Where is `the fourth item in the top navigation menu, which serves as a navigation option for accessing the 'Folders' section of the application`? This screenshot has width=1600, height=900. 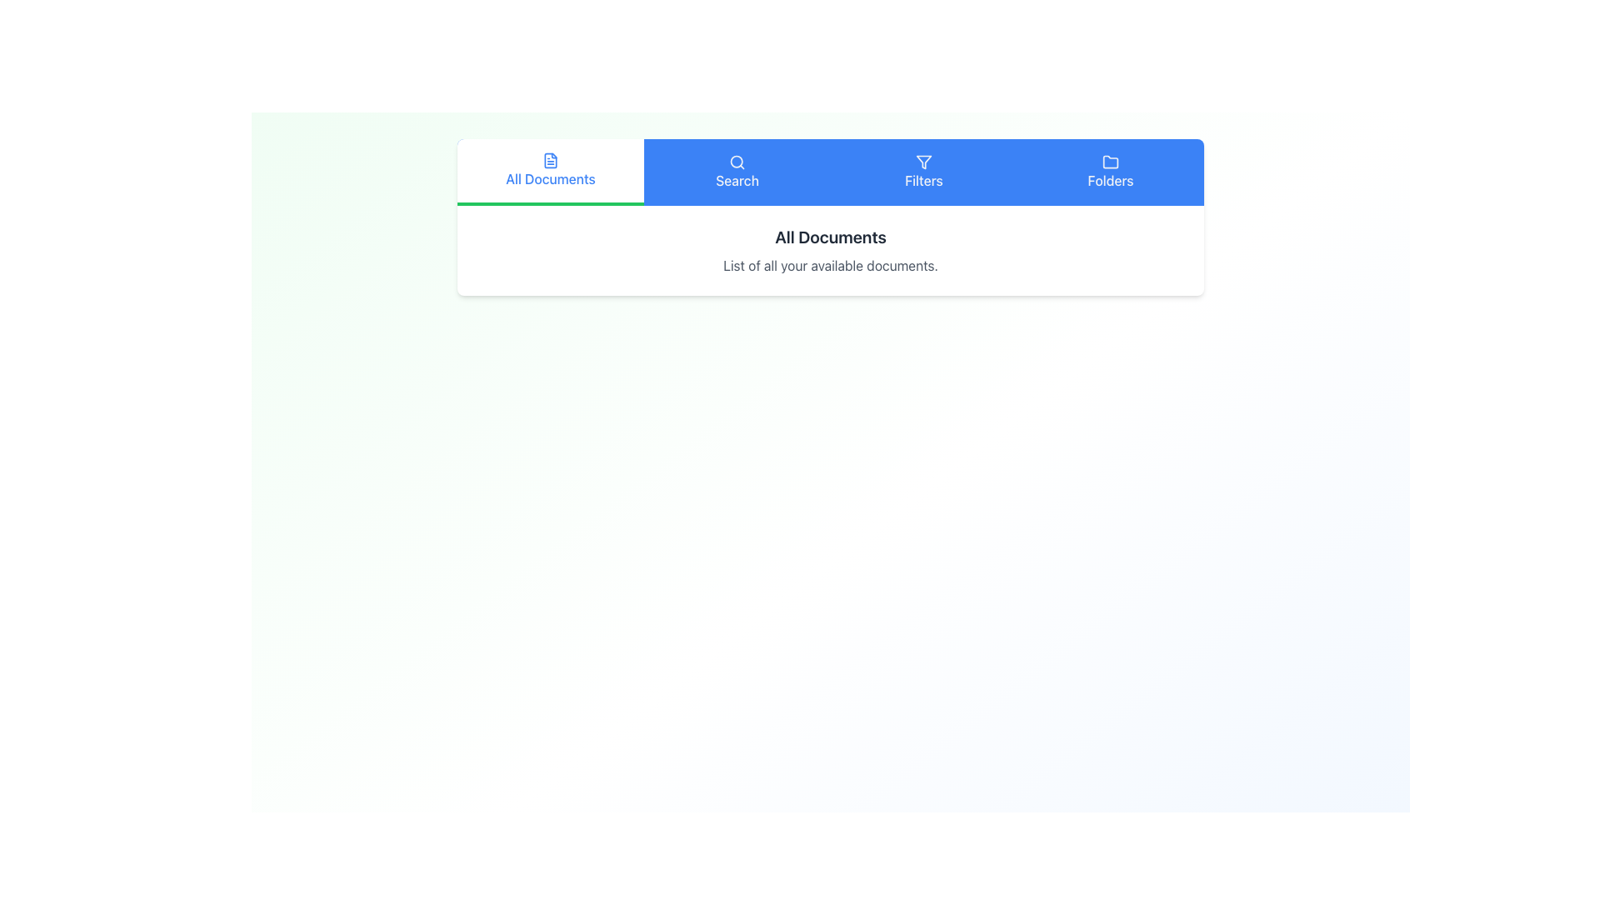
the fourth item in the top navigation menu, which serves as a navigation option for accessing the 'Folders' section of the application is located at coordinates (1111, 172).